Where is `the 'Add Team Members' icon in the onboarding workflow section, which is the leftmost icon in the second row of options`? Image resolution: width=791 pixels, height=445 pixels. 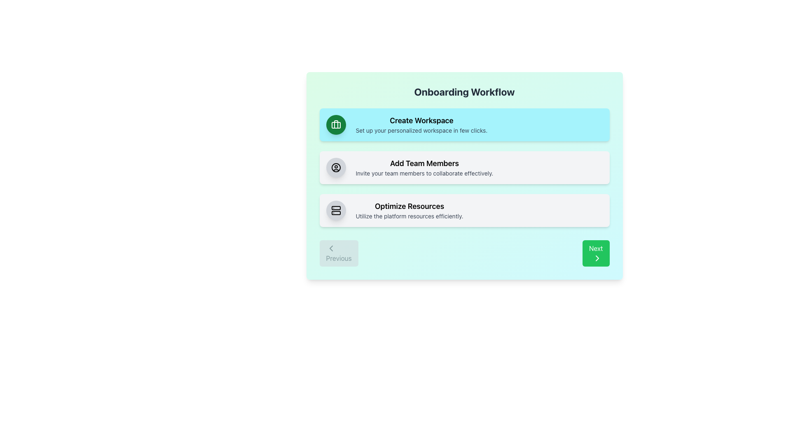
the 'Add Team Members' icon in the onboarding workflow section, which is the leftmost icon in the second row of options is located at coordinates (336, 167).